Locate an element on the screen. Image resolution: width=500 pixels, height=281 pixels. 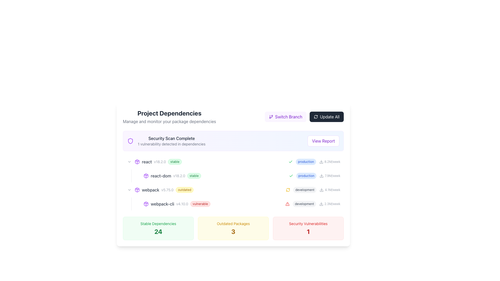
text element displaying '4.1M/week' next to the downward arrow icon for information is located at coordinates (330, 190).